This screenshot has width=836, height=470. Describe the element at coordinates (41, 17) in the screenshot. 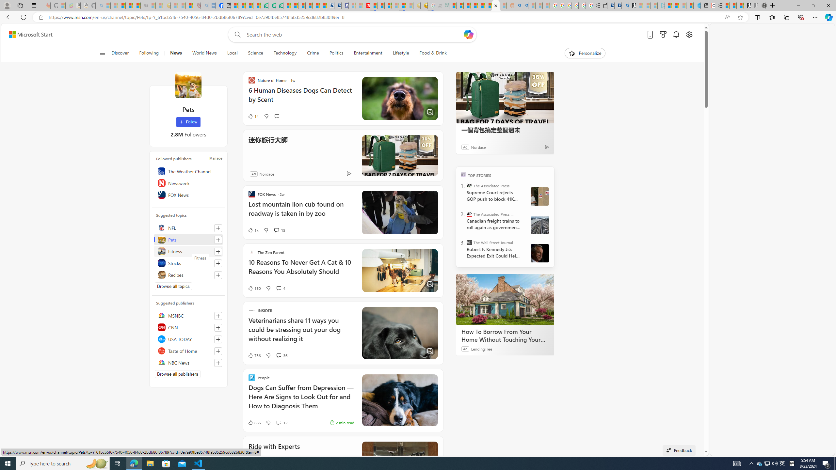

I see `'View site information'` at that location.